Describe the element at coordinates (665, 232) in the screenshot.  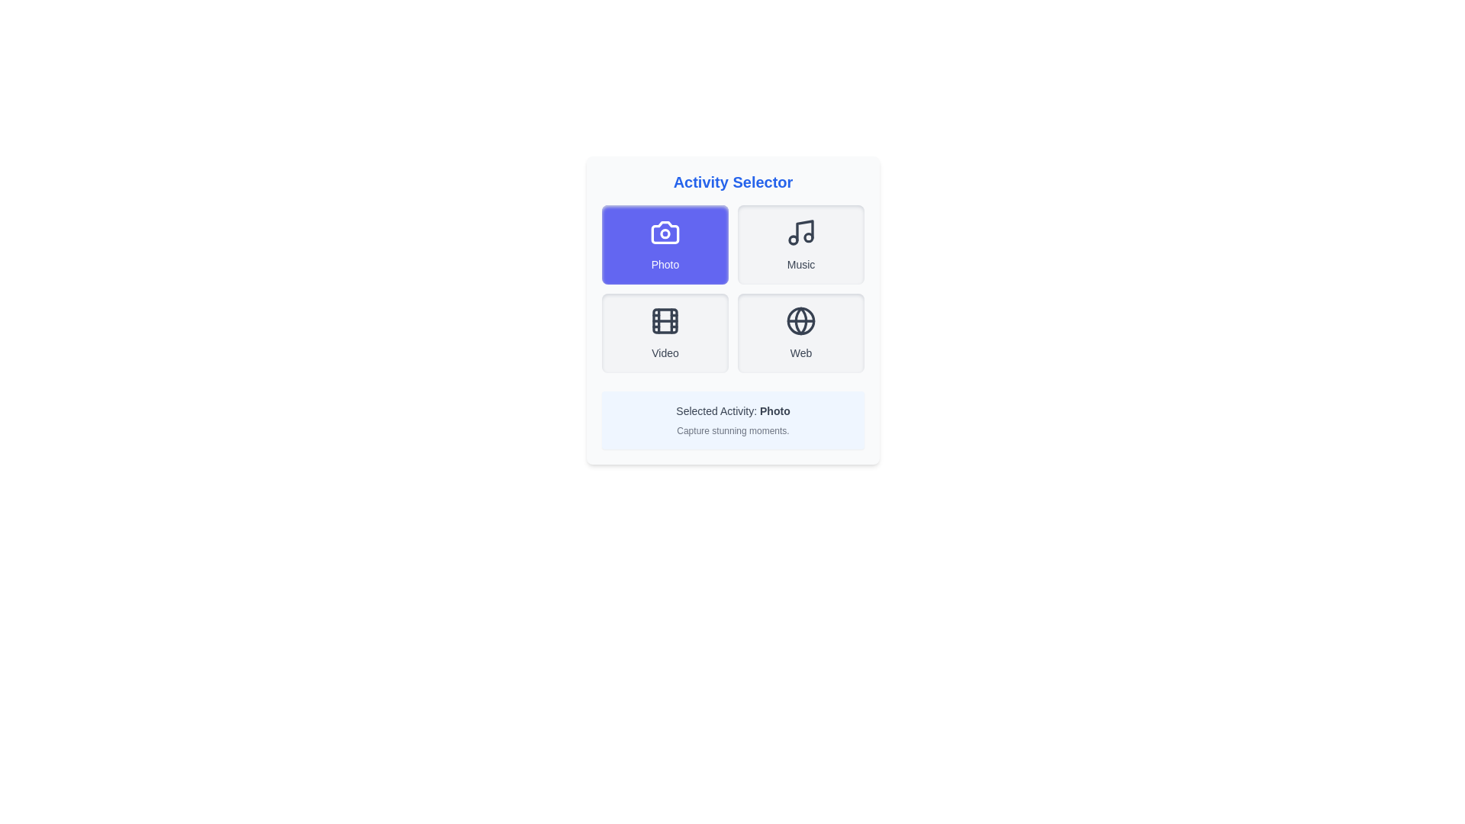
I see `the decorative camera icon element located in the upper-left quadrant of the 'Photo' tile, which resembles the body of a camera with a strap-like structure` at that location.